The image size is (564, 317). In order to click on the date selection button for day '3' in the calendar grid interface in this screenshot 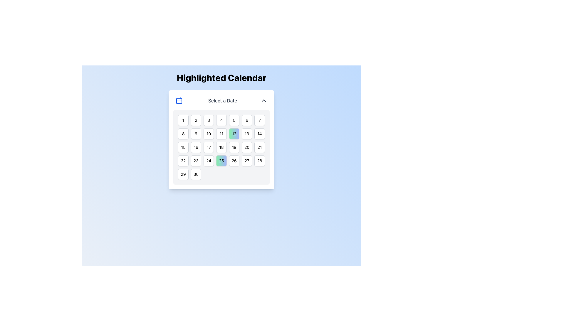, I will do `click(209, 120)`.